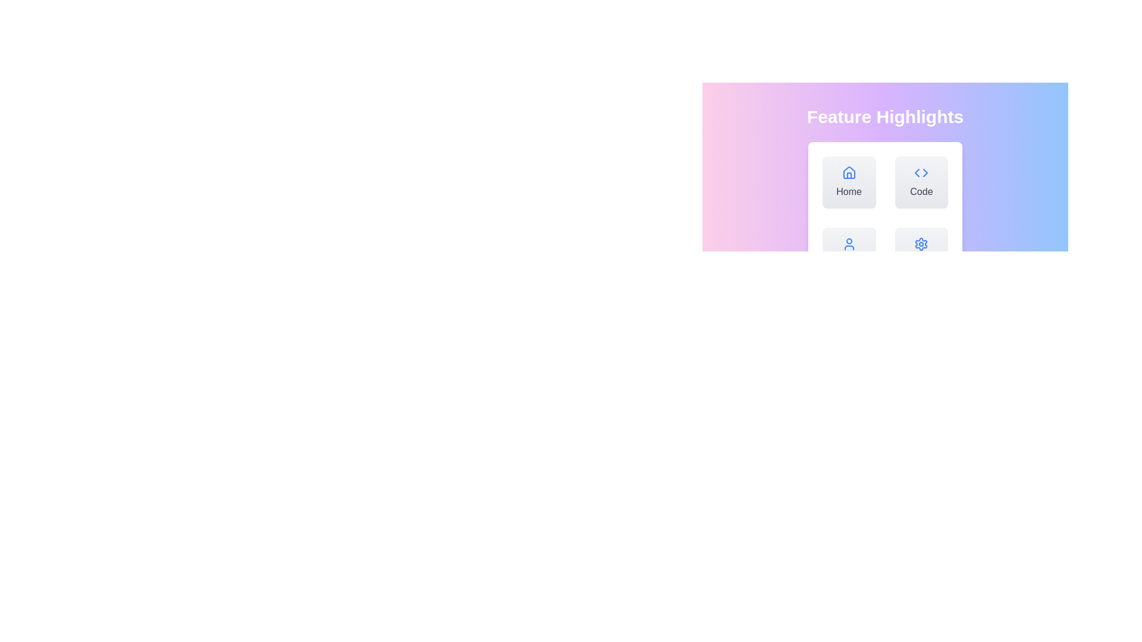 The image size is (1142, 642). What do you see at coordinates (848, 253) in the screenshot?
I see `the 'Profile' button, which is a vertically aligned button with a light gradient background and a blue user profile icon, located in the bottom-left position of the grid` at bounding box center [848, 253].